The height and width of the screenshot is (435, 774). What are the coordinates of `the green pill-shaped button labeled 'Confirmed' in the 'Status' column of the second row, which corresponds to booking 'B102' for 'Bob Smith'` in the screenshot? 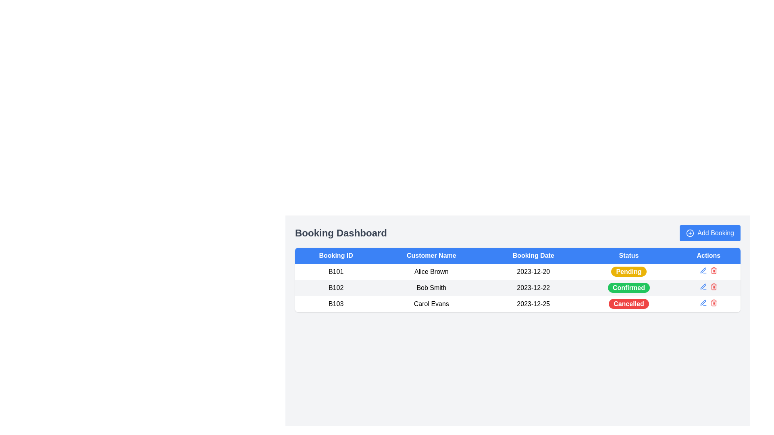 It's located at (628, 287).